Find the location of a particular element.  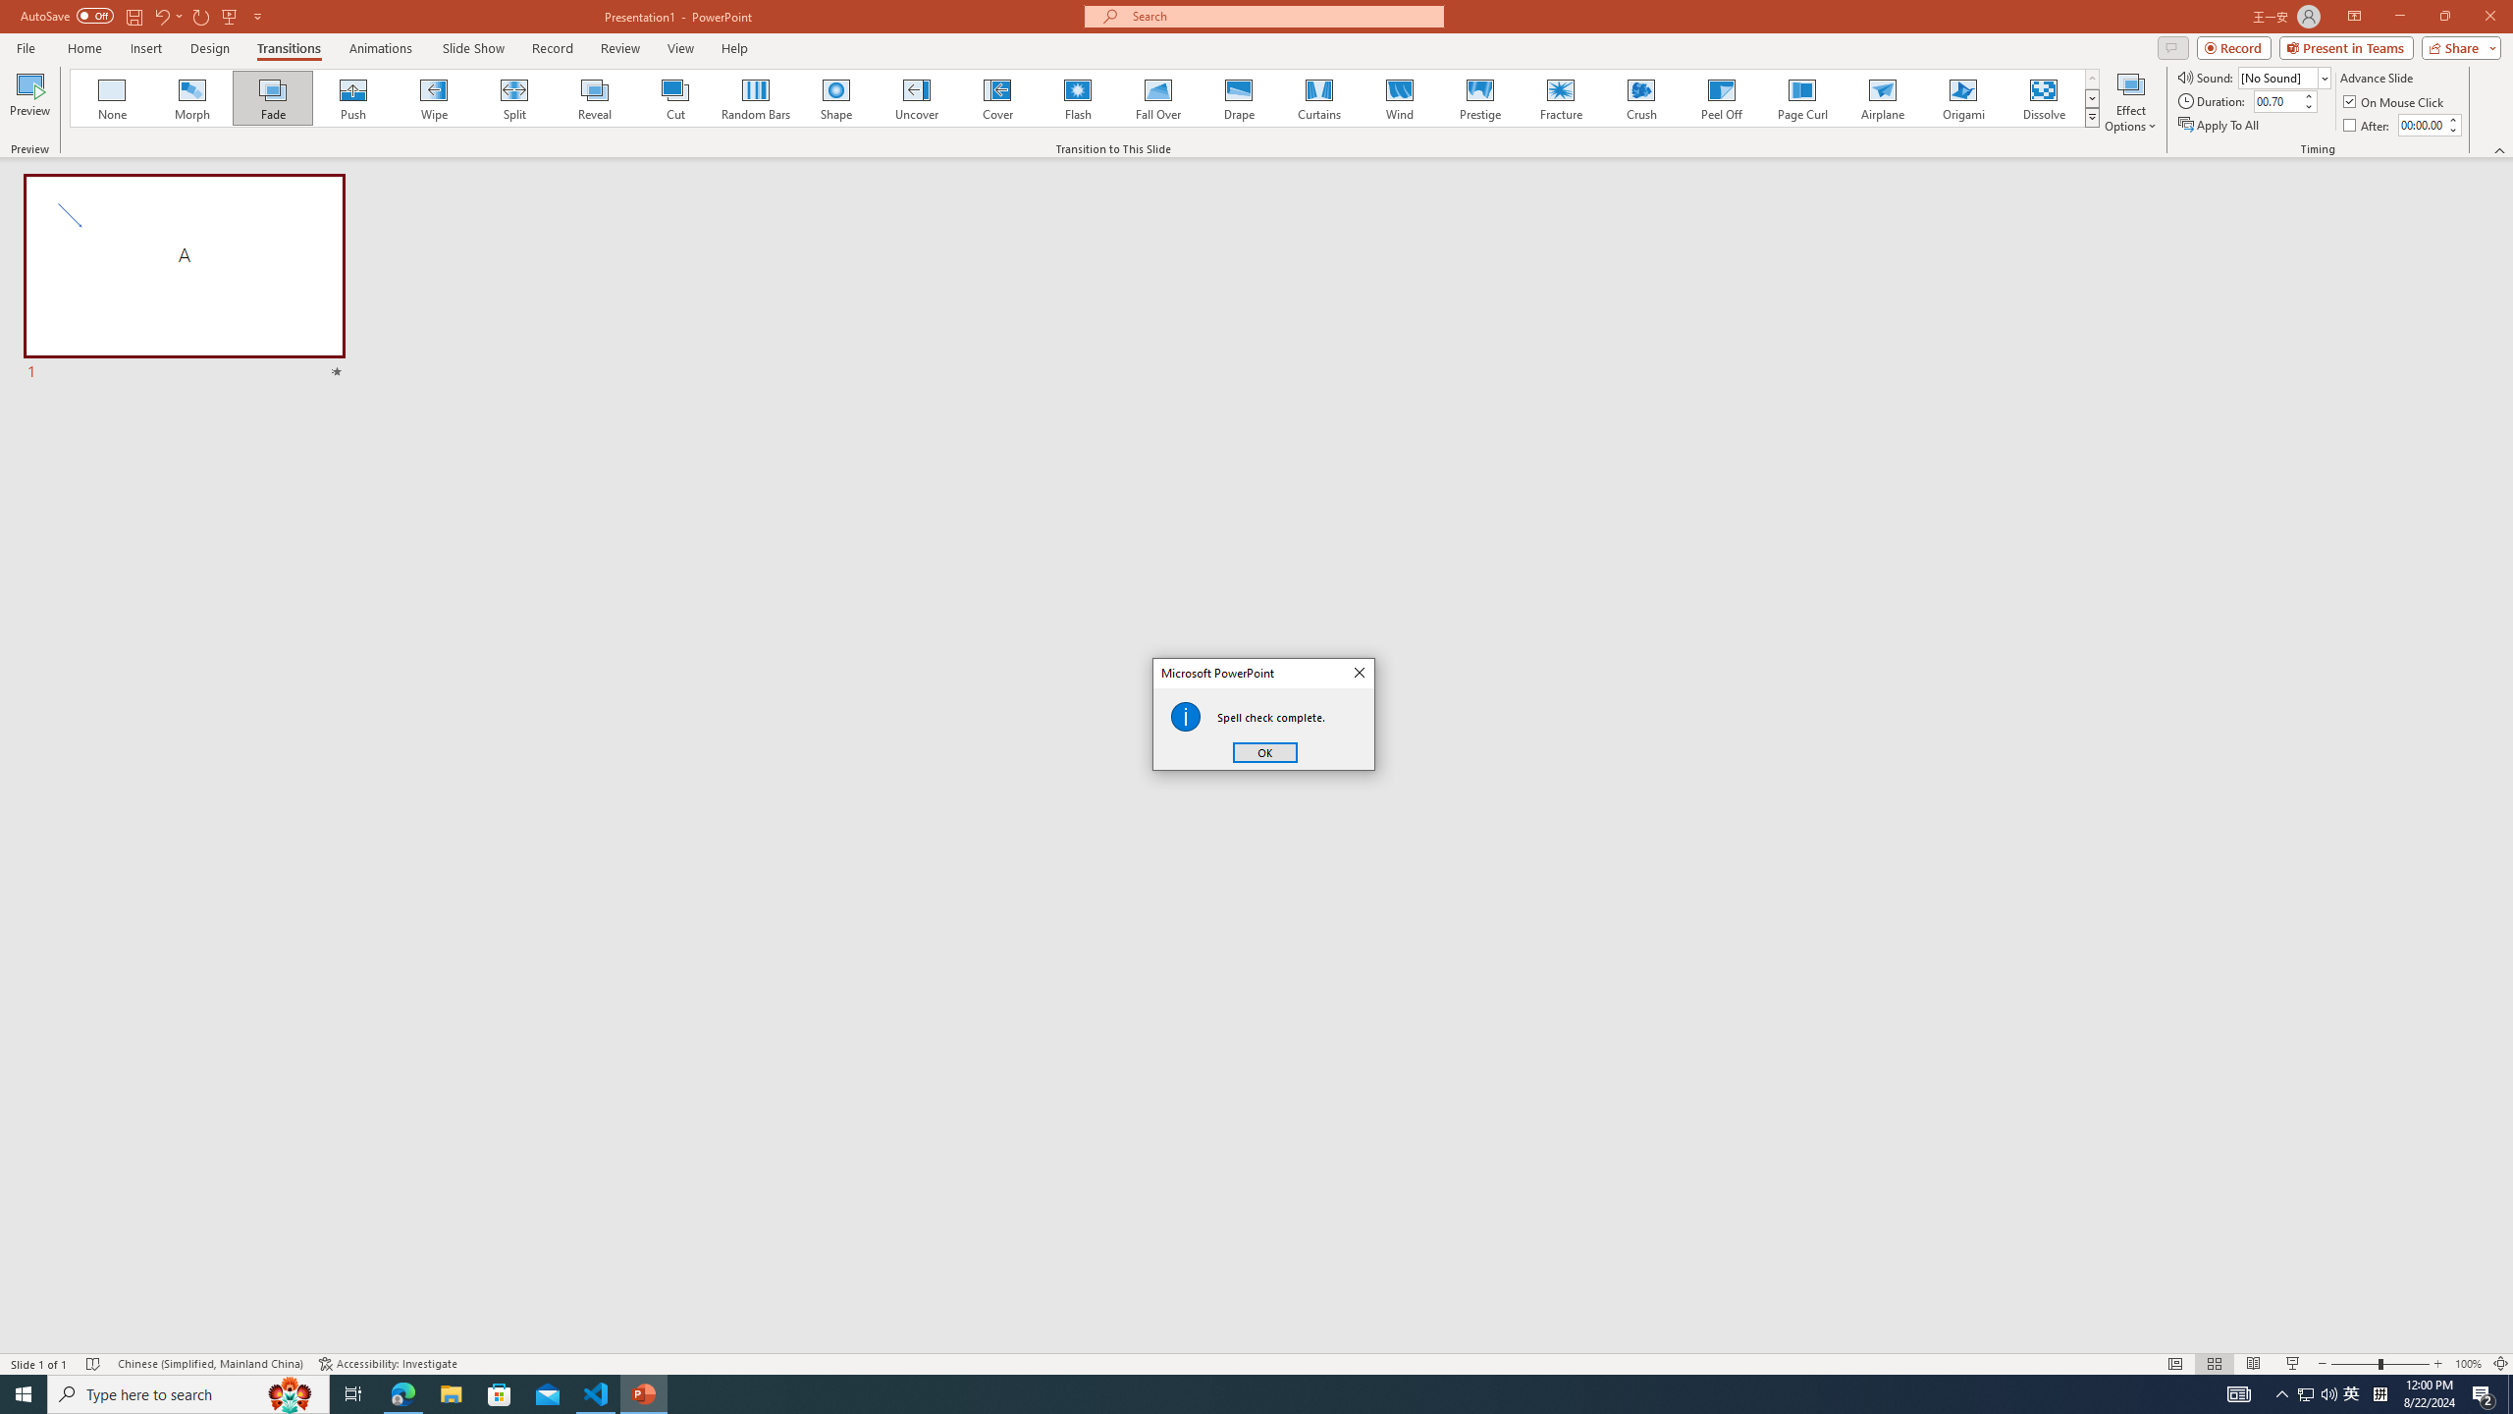

'Peel Off' is located at coordinates (1720, 97).